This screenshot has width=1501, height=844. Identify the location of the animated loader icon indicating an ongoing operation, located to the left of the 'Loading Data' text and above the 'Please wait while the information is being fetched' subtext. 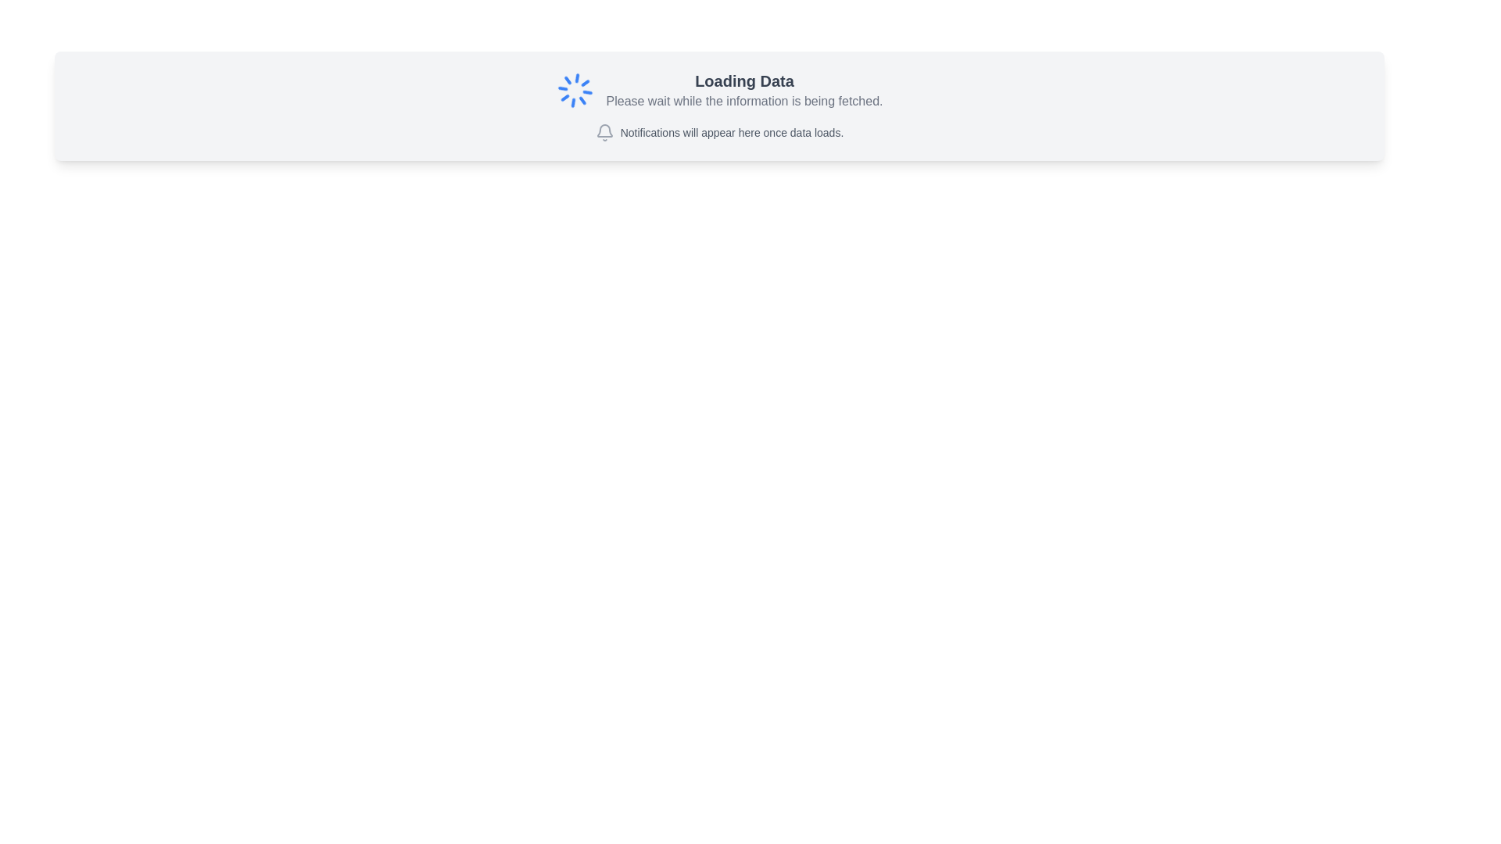
(574, 90).